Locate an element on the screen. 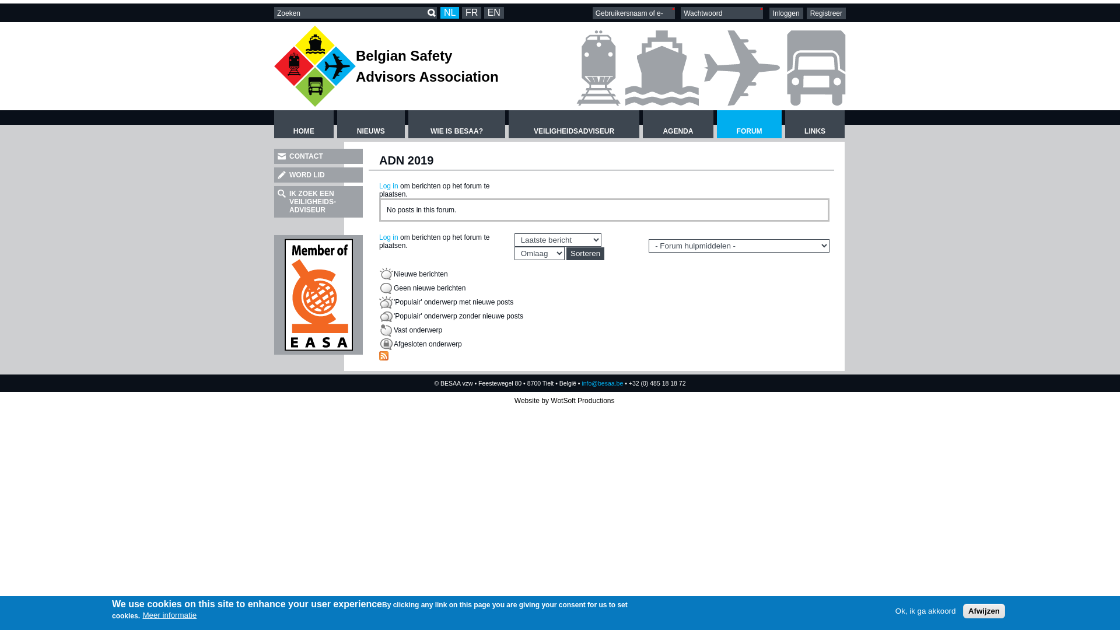 Image resolution: width=1120 pixels, height=630 pixels. 'VEILIGHEIDSADVISEUR' is located at coordinates (573, 124).